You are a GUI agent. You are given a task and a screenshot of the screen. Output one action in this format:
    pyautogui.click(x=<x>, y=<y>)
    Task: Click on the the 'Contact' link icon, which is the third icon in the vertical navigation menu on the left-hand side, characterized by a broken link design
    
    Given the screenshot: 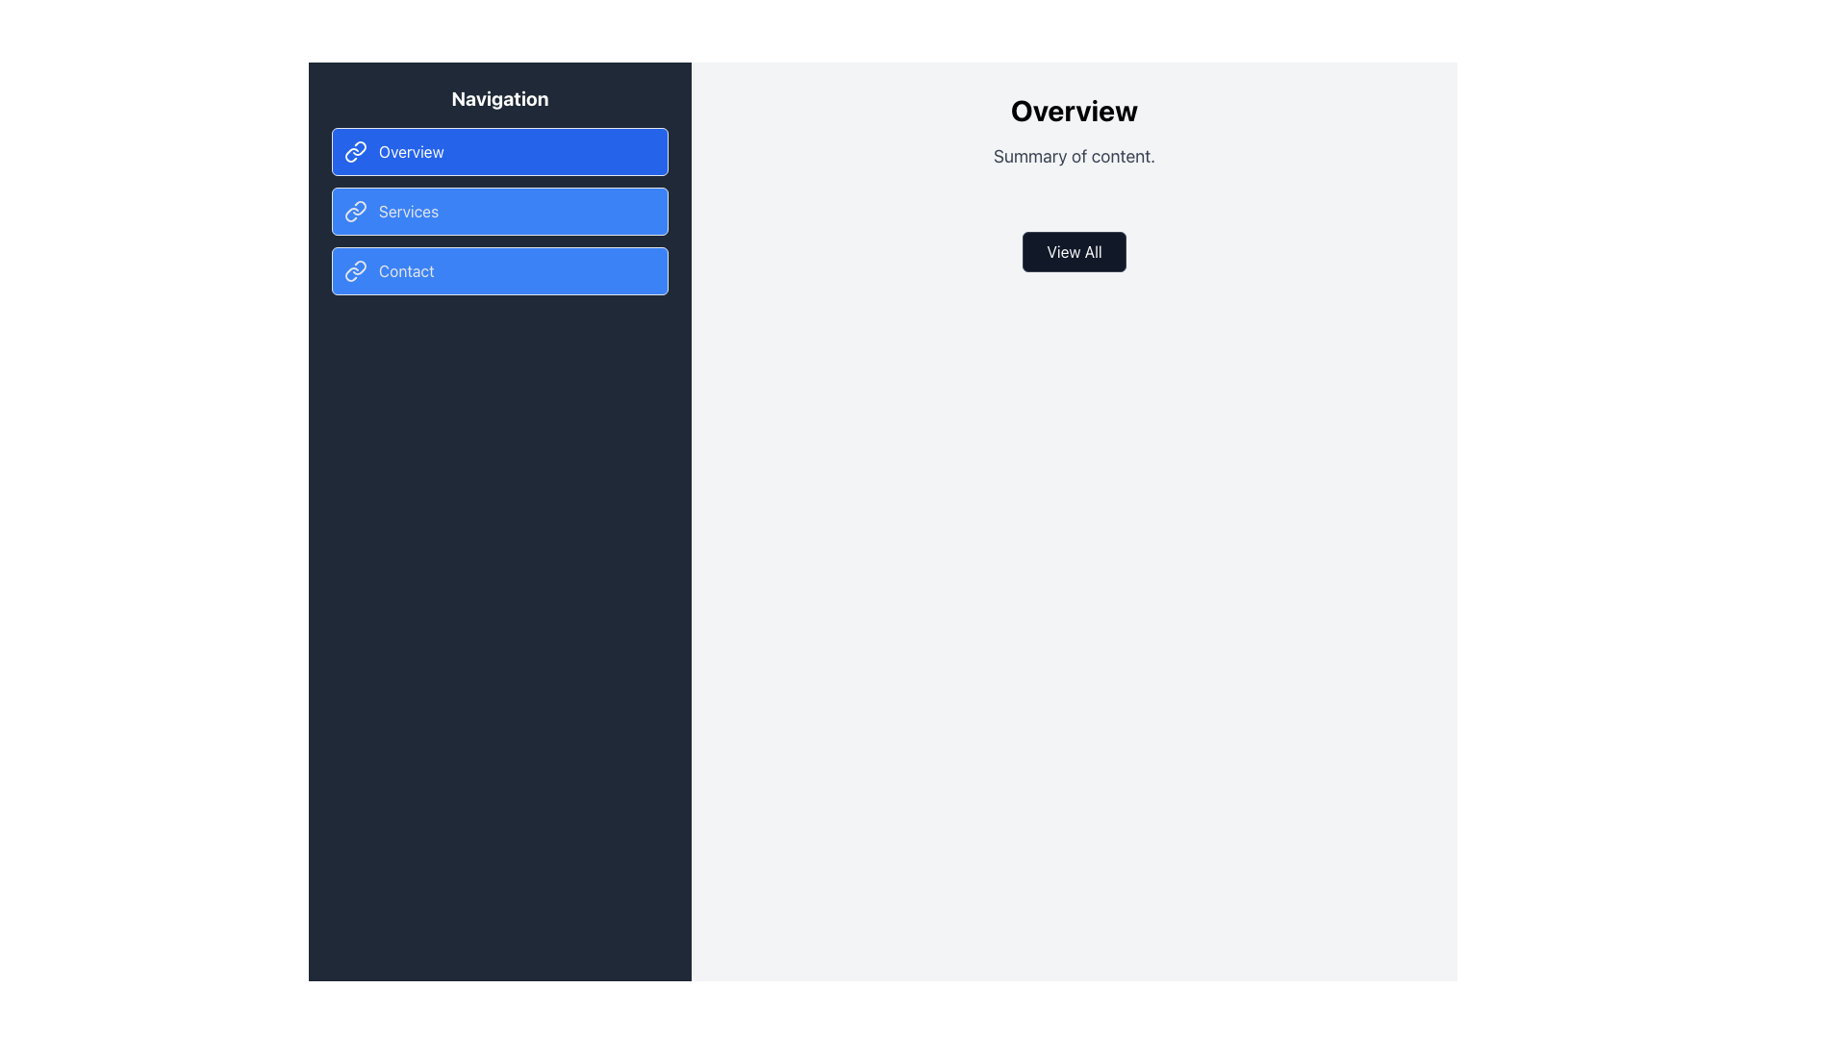 What is the action you would take?
    pyautogui.click(x=351, y=274)
    